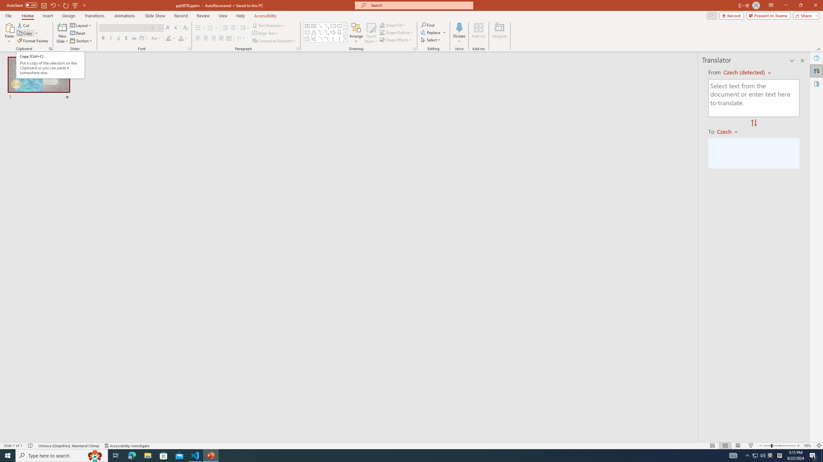 The image size is (823, 462). I want to click on 'Reset', so click(78, 33).